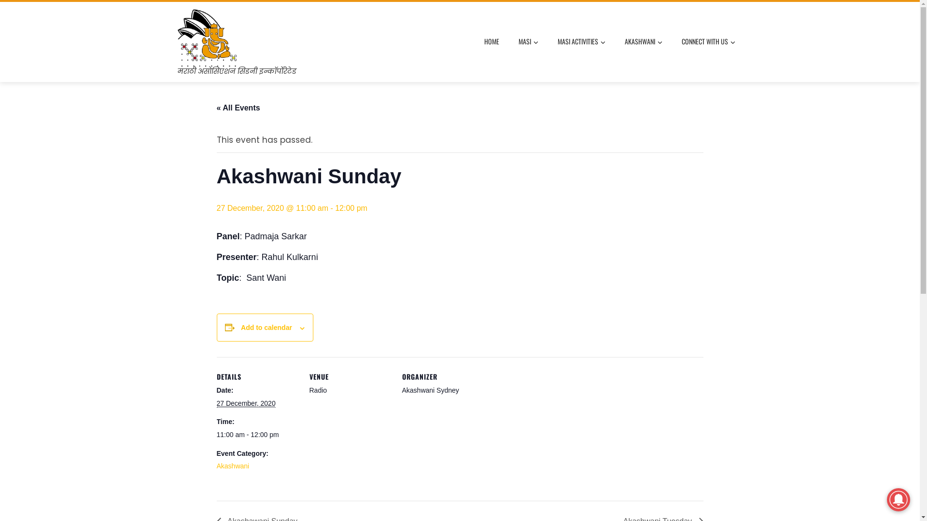 Image resolution: width=927 pixels, height=521 pixels. I want to click on 'Add to calendar', so click(267, 327).